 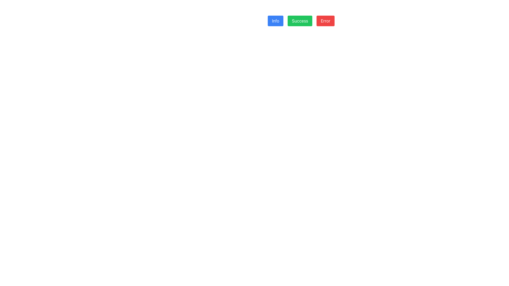 I want to click on the 'Error' button, the rightmost button among three buttons labeled 'Info,' 'Success,' and 'Error', so click(x=325, y=20).